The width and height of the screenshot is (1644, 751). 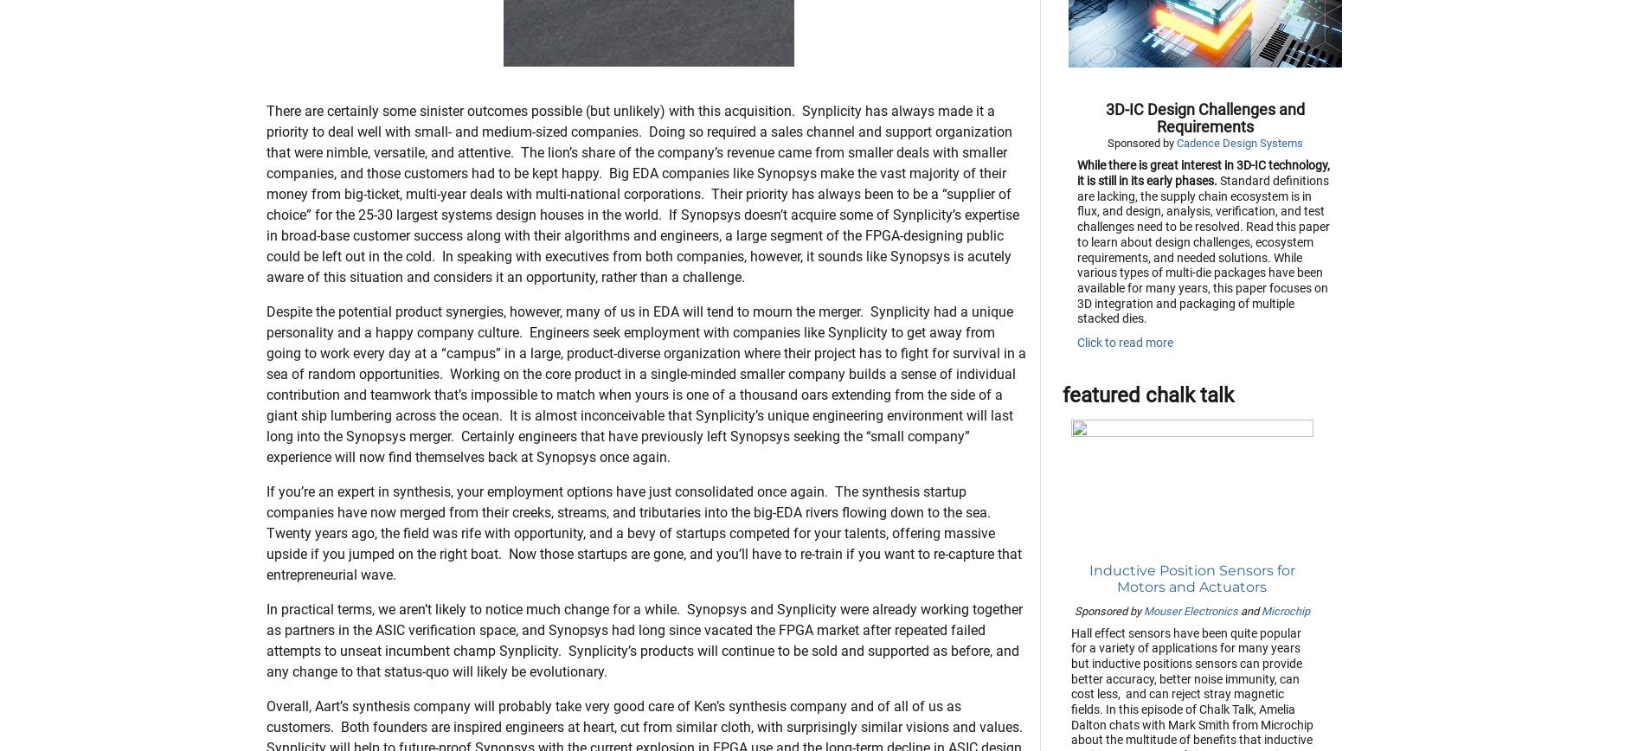 I want to click on 'Click to read more', so click(x=1123, y=428).